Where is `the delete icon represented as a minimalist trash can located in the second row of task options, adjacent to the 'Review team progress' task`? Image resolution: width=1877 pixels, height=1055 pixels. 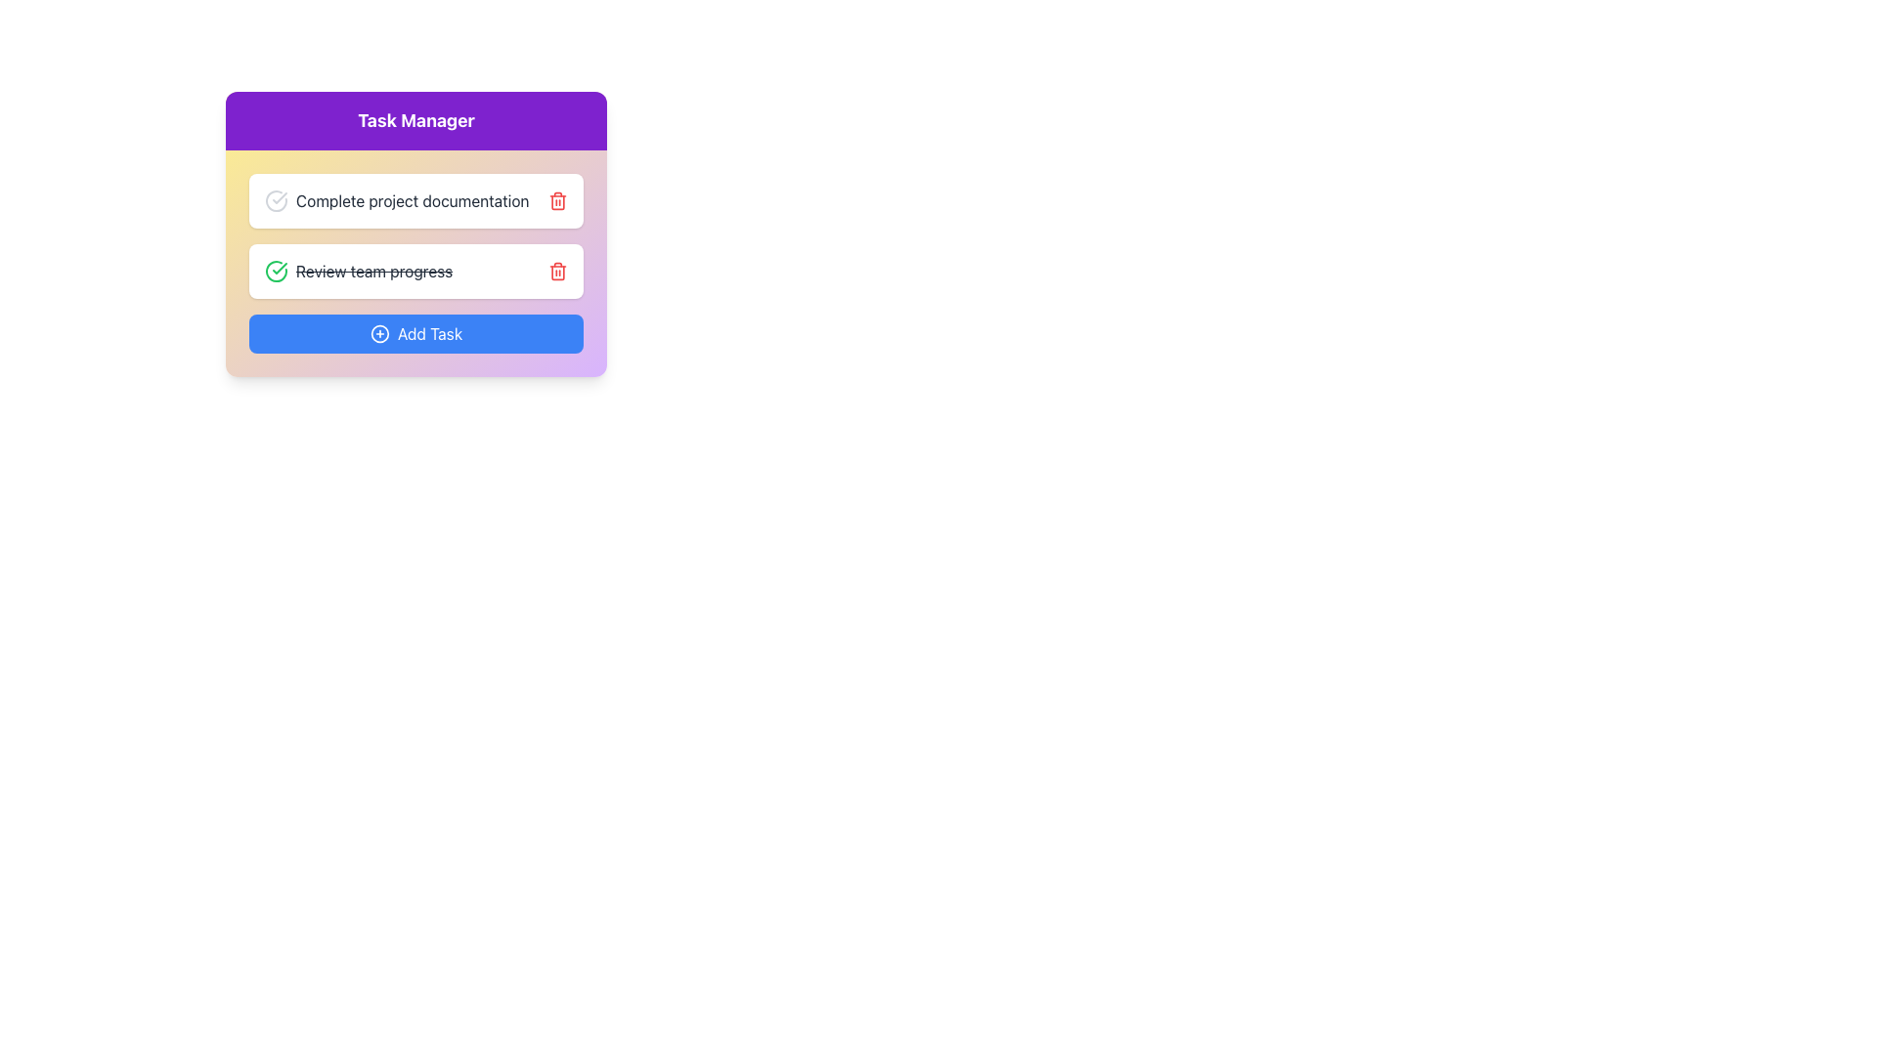
the delete icon represented as a minimalist trash can located in the second row of task options, adjacent to the 'Review team progress' task is located at coordinates (557, 272).